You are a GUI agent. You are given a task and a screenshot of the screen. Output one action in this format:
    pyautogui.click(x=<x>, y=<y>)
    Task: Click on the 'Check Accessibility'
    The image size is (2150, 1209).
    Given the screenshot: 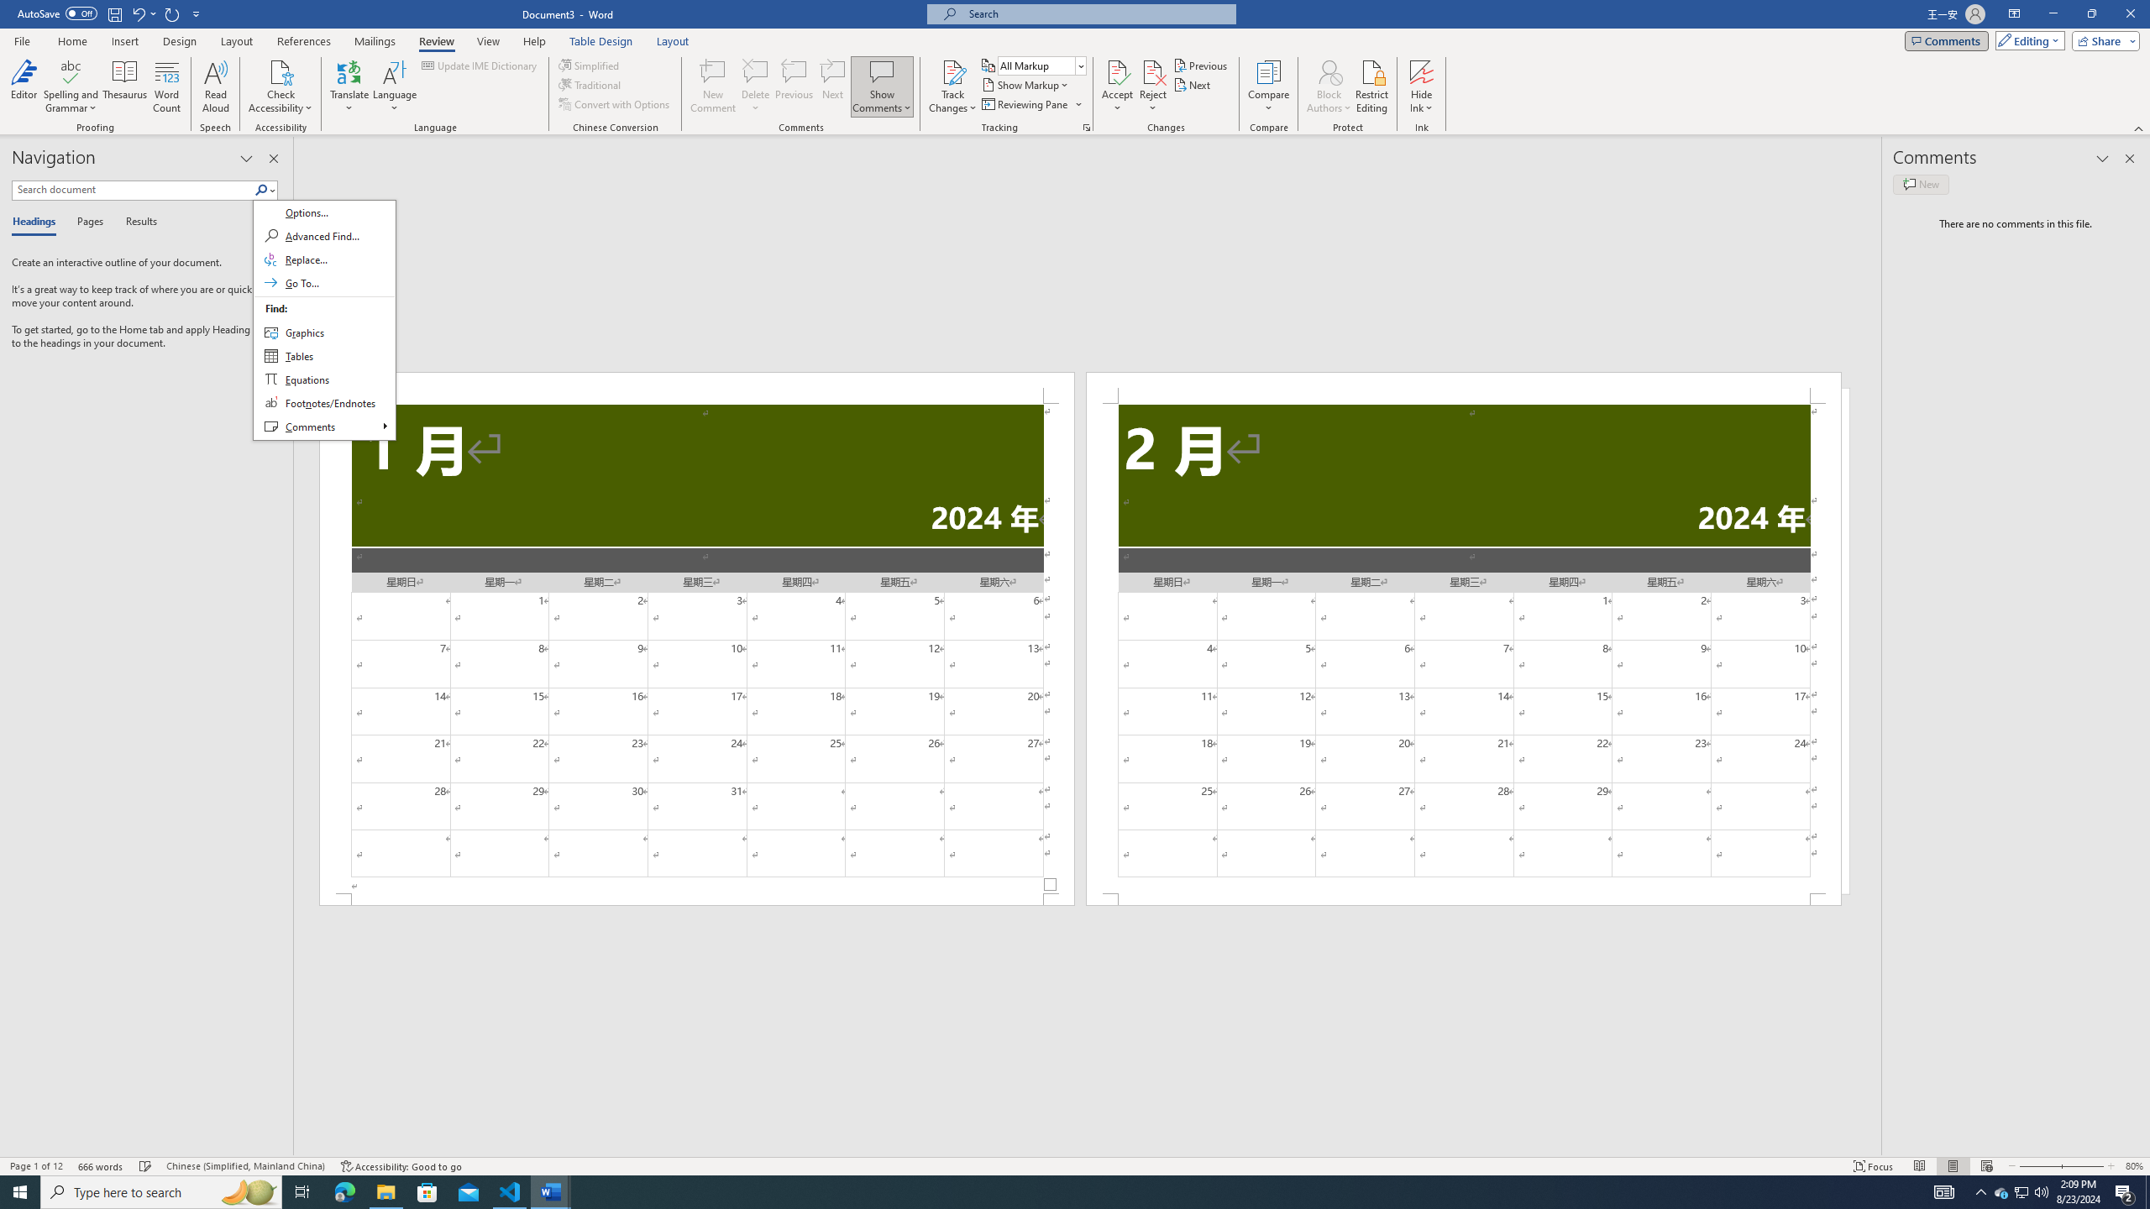 What is the action you would take?
    pyautogui.click(x=281, y=86)
    